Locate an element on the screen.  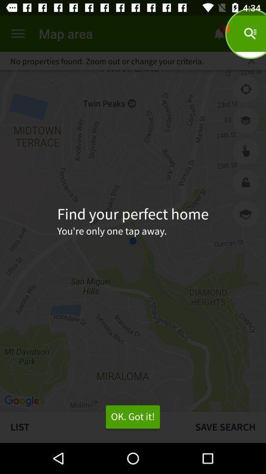
menu is located at coordinates (18, 34).